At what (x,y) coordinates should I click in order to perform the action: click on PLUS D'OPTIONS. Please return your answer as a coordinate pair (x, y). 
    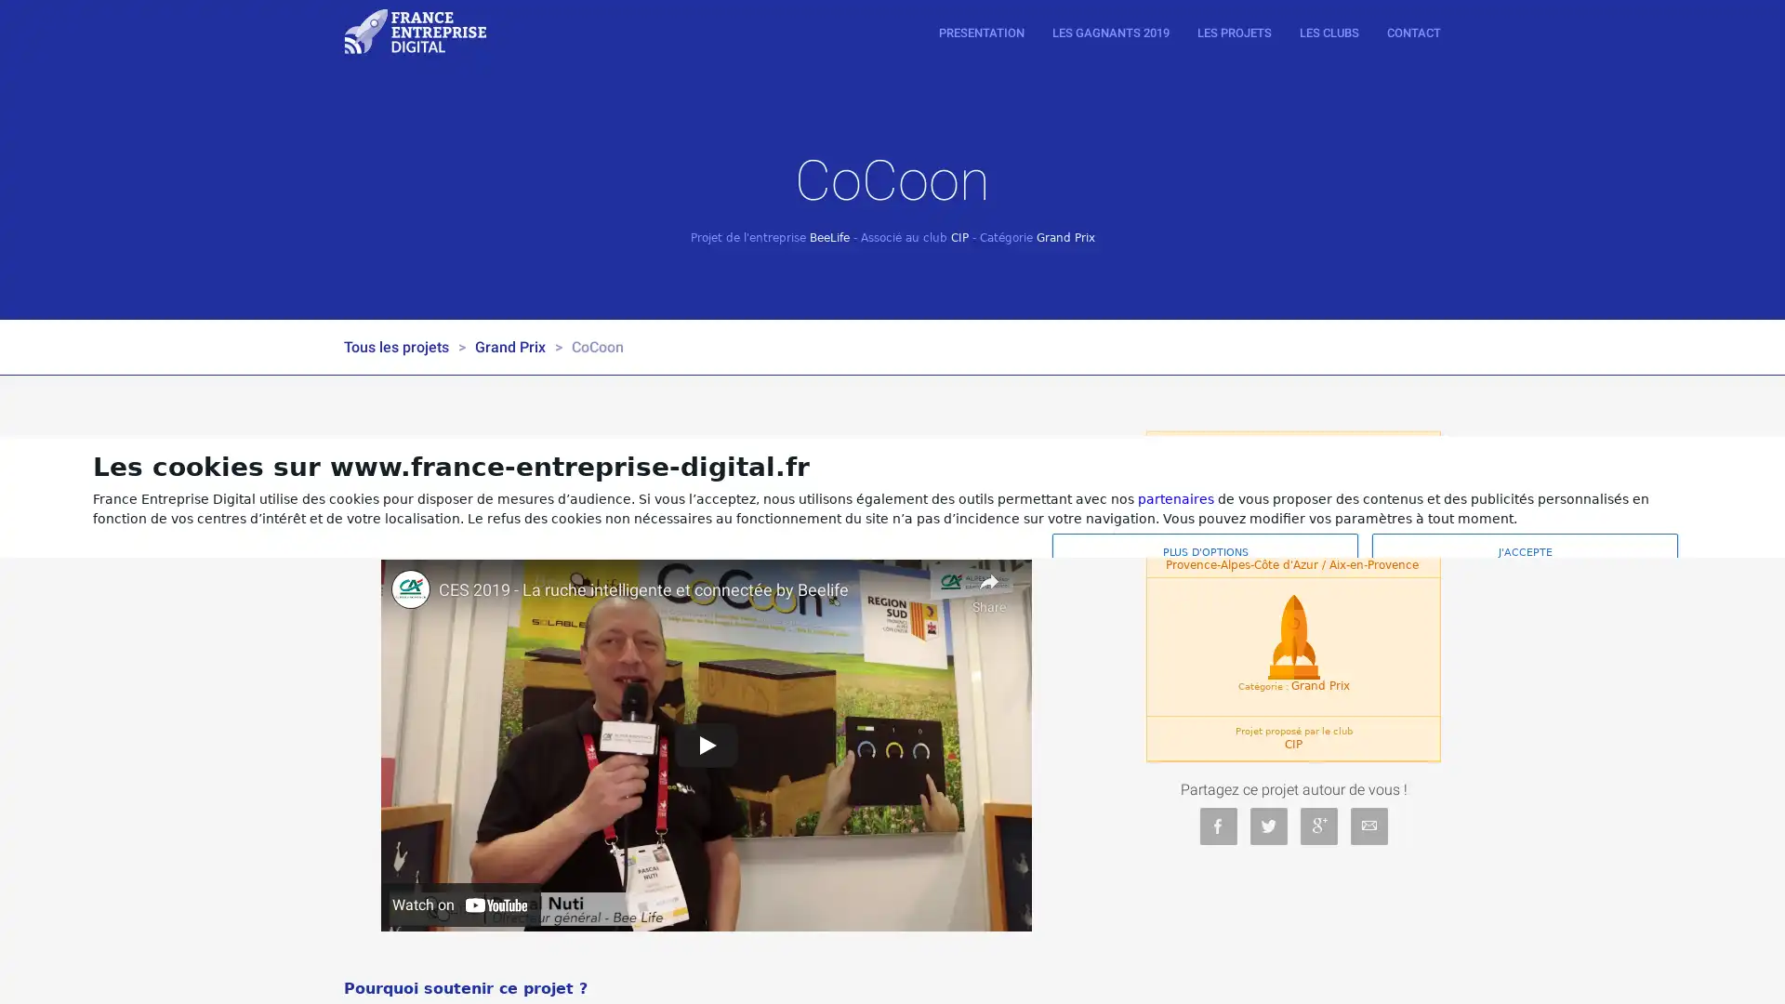
    Looking at the image, I should click on (1205, 551).